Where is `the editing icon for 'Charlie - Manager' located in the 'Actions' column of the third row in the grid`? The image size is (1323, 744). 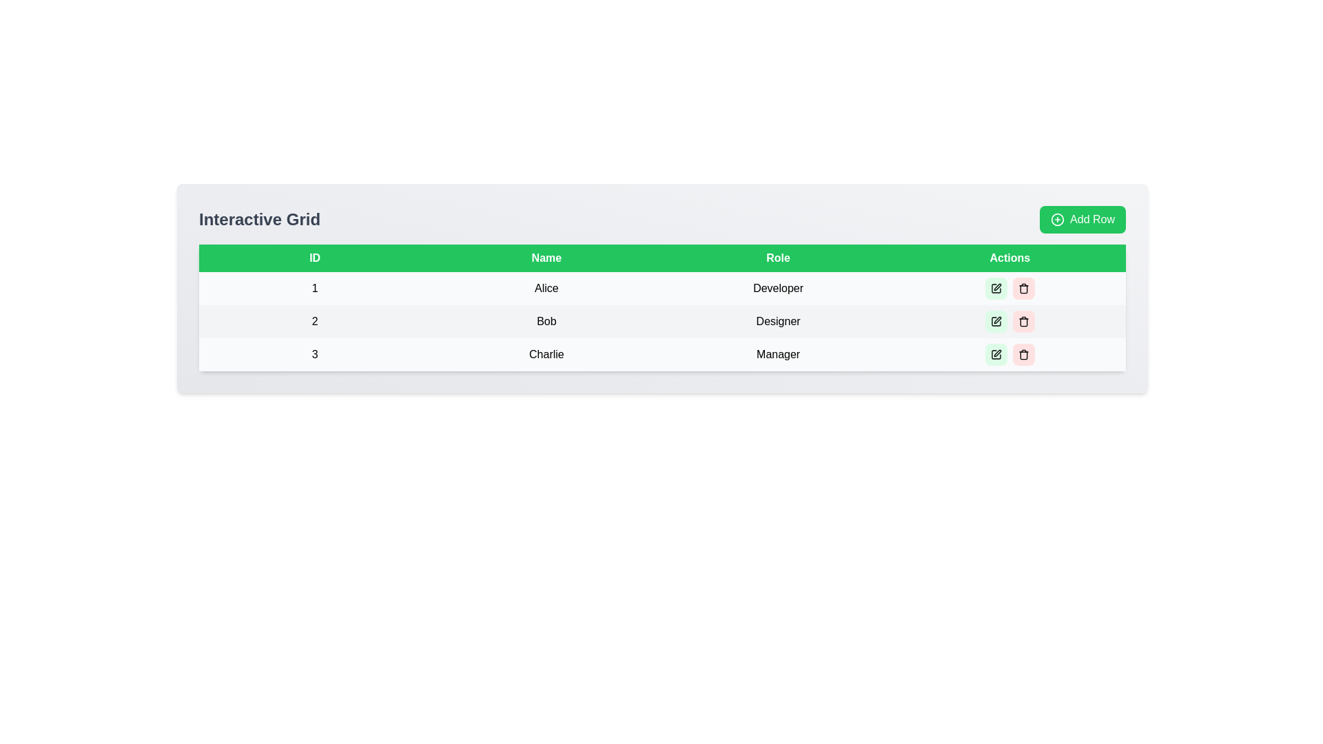 the editing icon for 'Charlie - Manager' located in the 'Actions' column of the third row in the grid is located at coordinates (996, 354).